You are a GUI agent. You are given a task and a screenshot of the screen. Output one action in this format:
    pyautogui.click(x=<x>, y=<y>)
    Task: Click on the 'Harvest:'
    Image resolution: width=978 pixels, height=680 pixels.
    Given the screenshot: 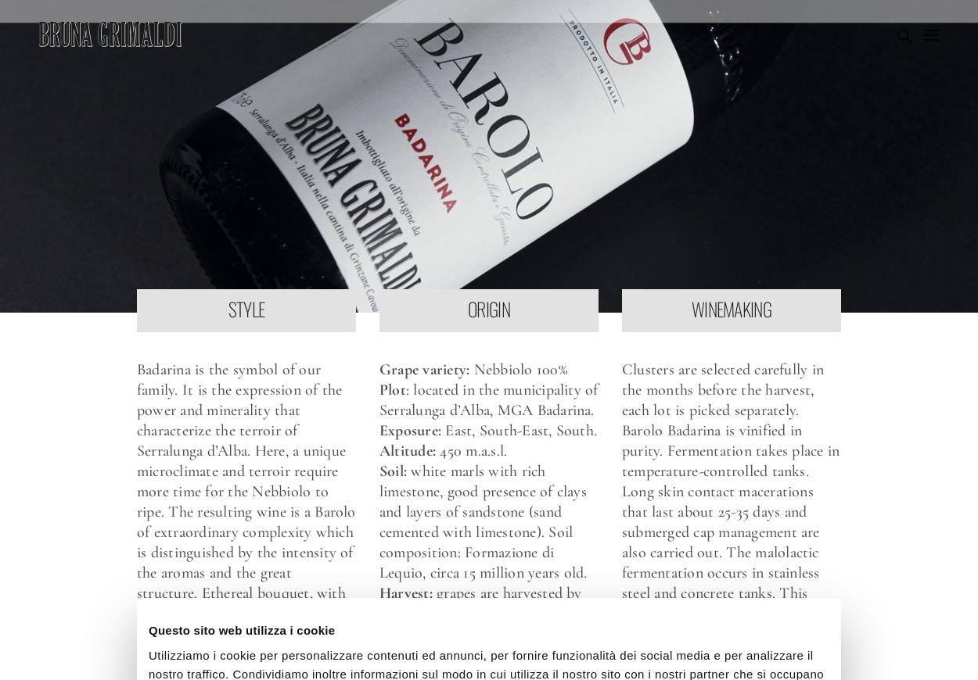 What is the action you would take?
    pyautogui.click(x=378, y=592)
    